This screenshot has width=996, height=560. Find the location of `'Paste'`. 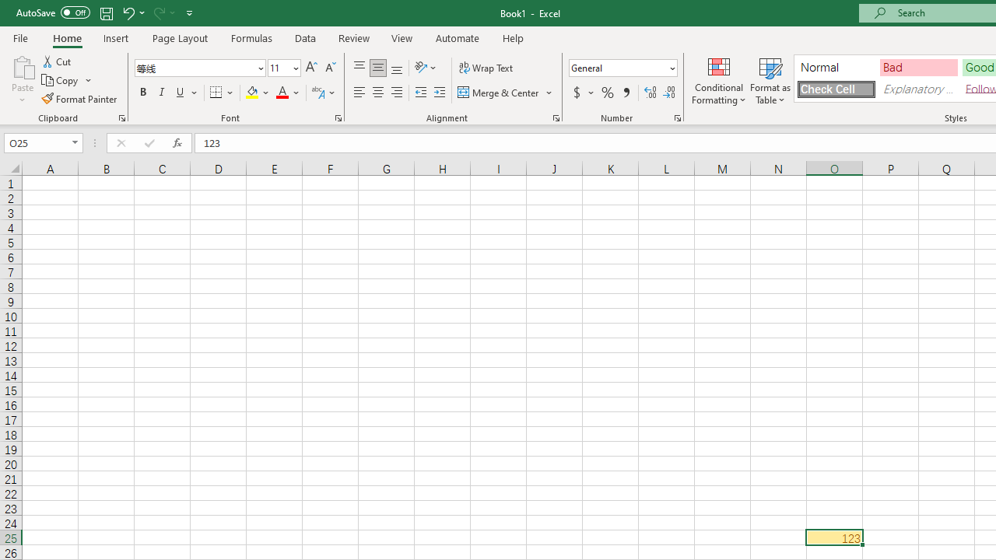

'Paste' is located at coordinates (22, 65).